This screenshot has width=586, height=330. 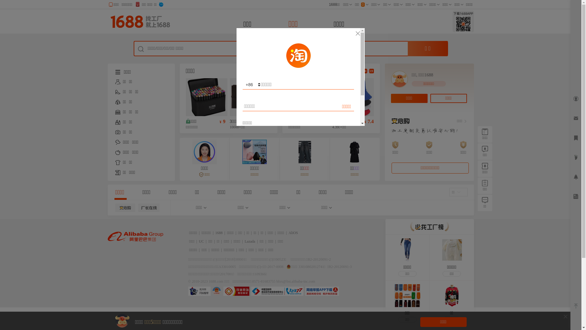 What do you see at coordinates (201, 241) in the screenshot?
I see `'UC'` at bounding box center [201, 241].